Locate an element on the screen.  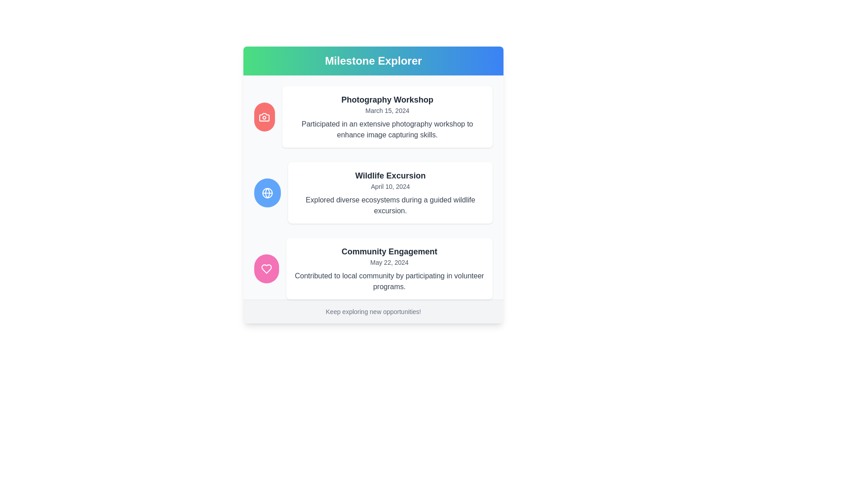
text label displaying 'April 10, 2024', which is styled in a smaller font and positioned under the title 'Wildlife Excursion' in the second panel of the interface is located at coordinates (390, 186).